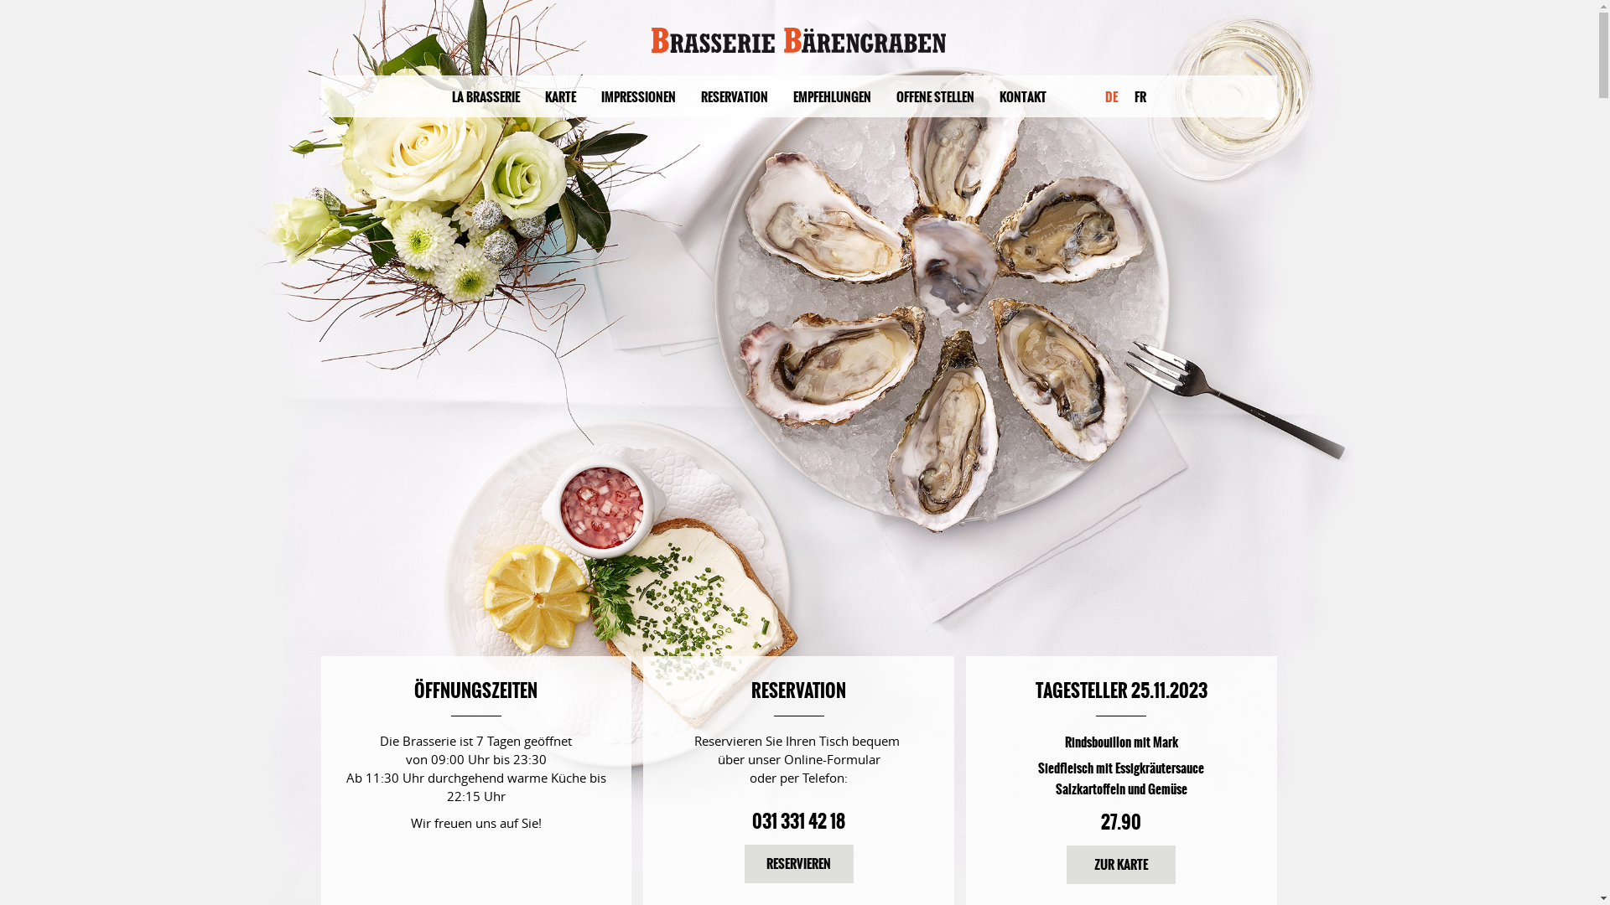  What do you see at coordinates (1122, 96) in the screenshot?
I see `'FR'` at bounding box center [1122, 96].